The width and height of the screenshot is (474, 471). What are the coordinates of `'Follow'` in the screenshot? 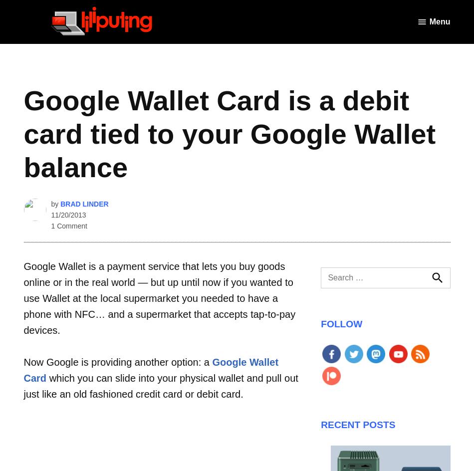 It's located at (341, 323).